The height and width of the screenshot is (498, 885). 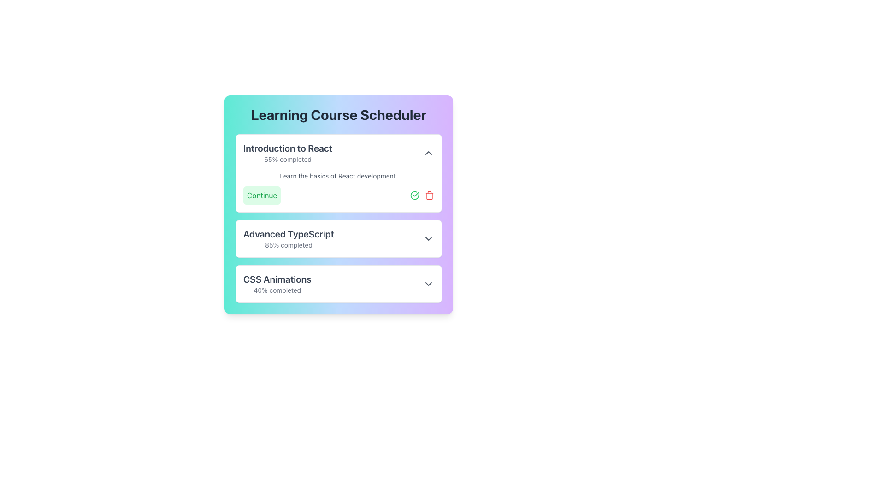 What do you see at coordinates (338, 238) in the screenshot?
I see `the arrow on the second Course Entry Card in the 'Learning Course Scheduler' section` at bounding box center [338, 238].